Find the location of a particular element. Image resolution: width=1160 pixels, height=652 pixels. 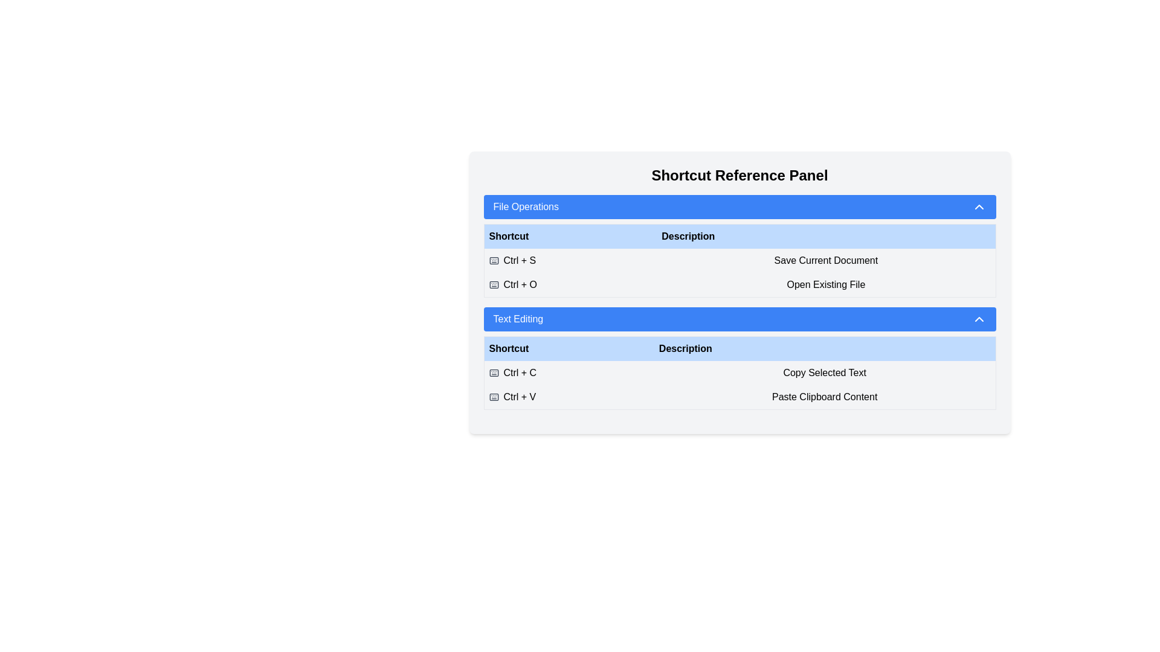

the first row in the 'File Operations' section of the 'Shortcut Reference Panel', which displays the keyboard shortcut 'Ctrl + S' for saving the current document is located at coordinates (739, 260).